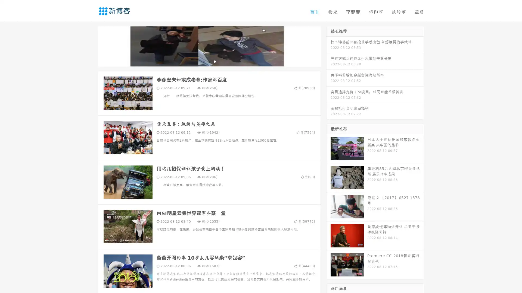 The image size is (522, 293). Describe the element at coordinates (203, 61) in the screenshot. I see `Go to slide 1` at that location.